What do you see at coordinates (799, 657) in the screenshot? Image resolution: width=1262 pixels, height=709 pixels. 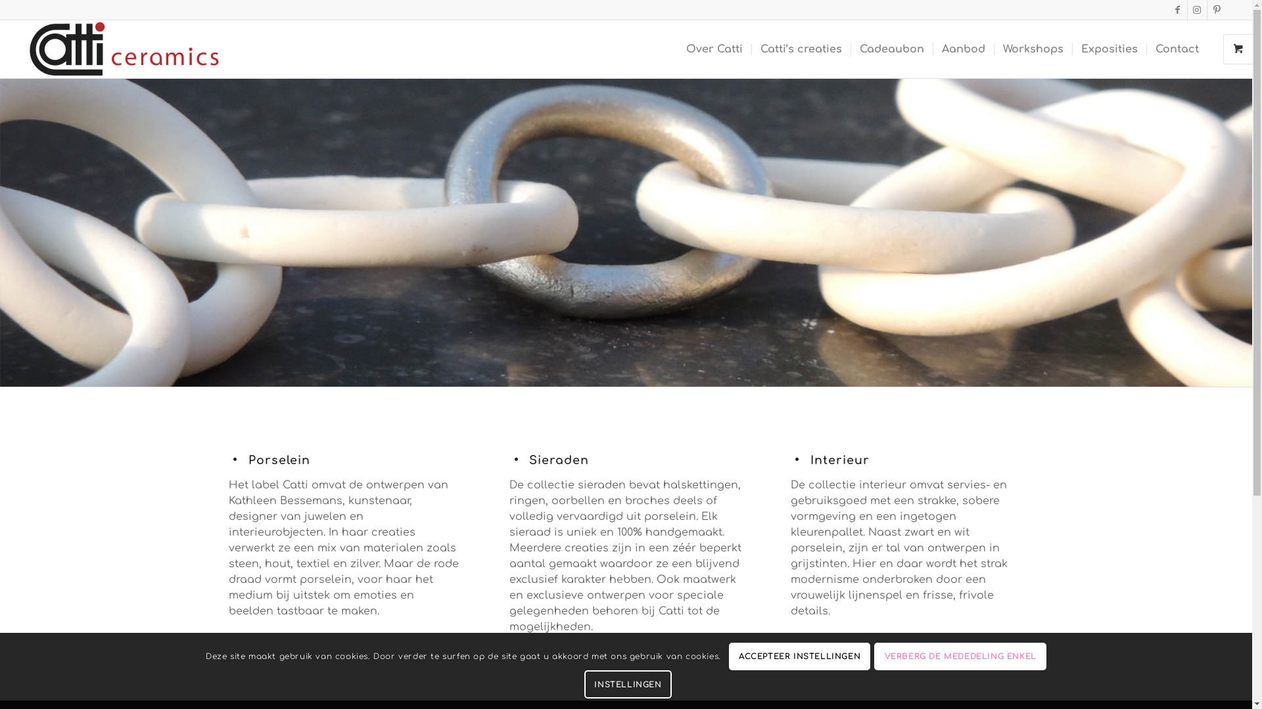 I see `'ACCEPTEER INSTELLINGEN'` at bounding box center [799, 657].